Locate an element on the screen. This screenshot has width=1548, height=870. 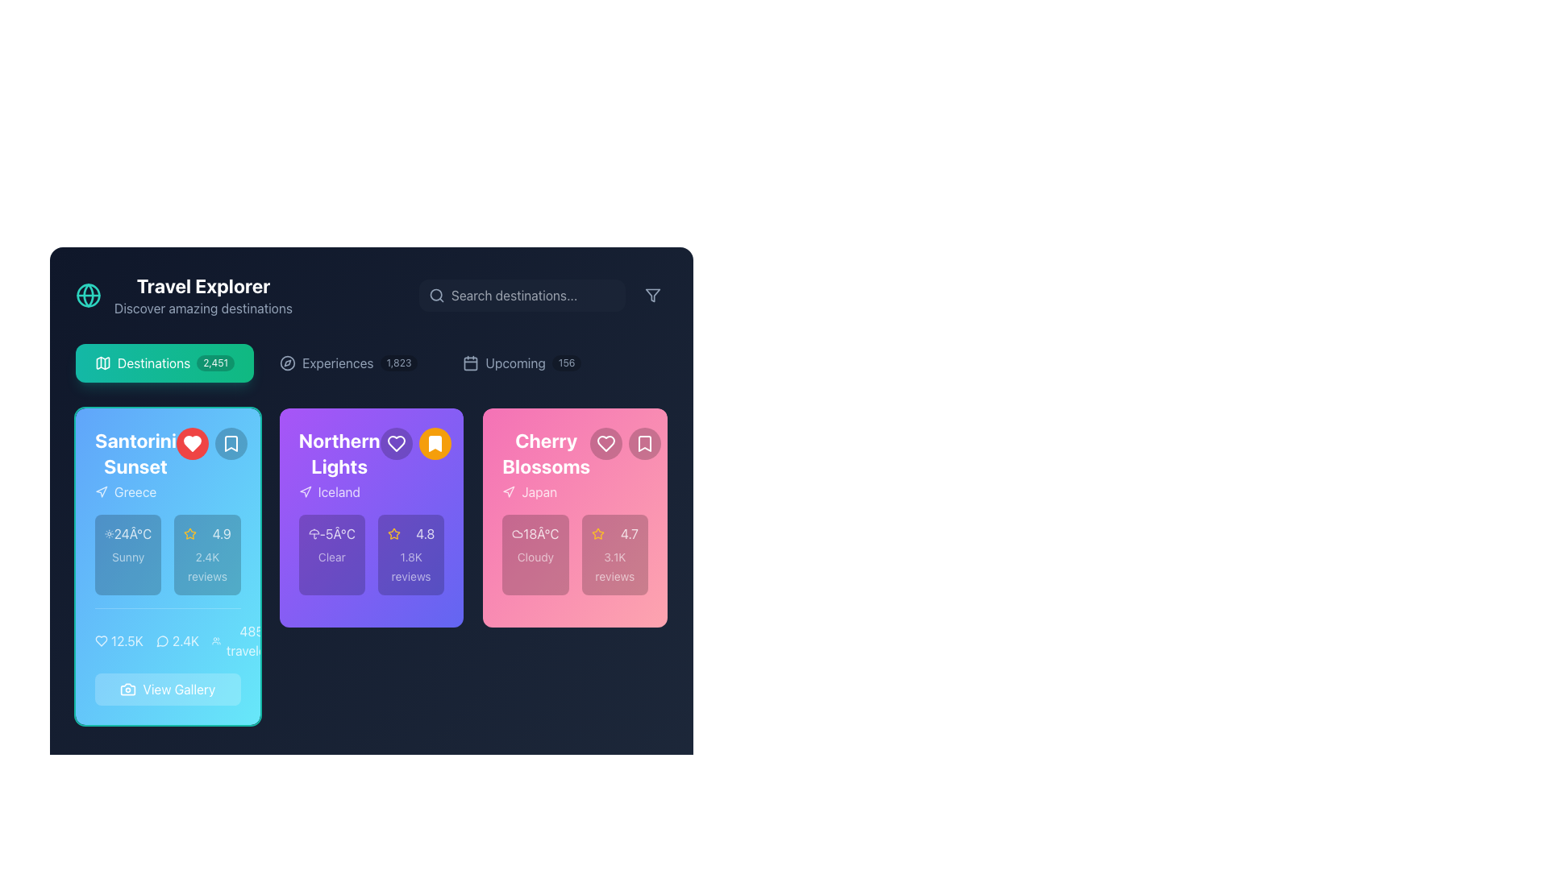
displayed text in the Information display box, which shows the temperature '-5°C' and the 'Clear' label beneath it is located at coordinates (331, 554).